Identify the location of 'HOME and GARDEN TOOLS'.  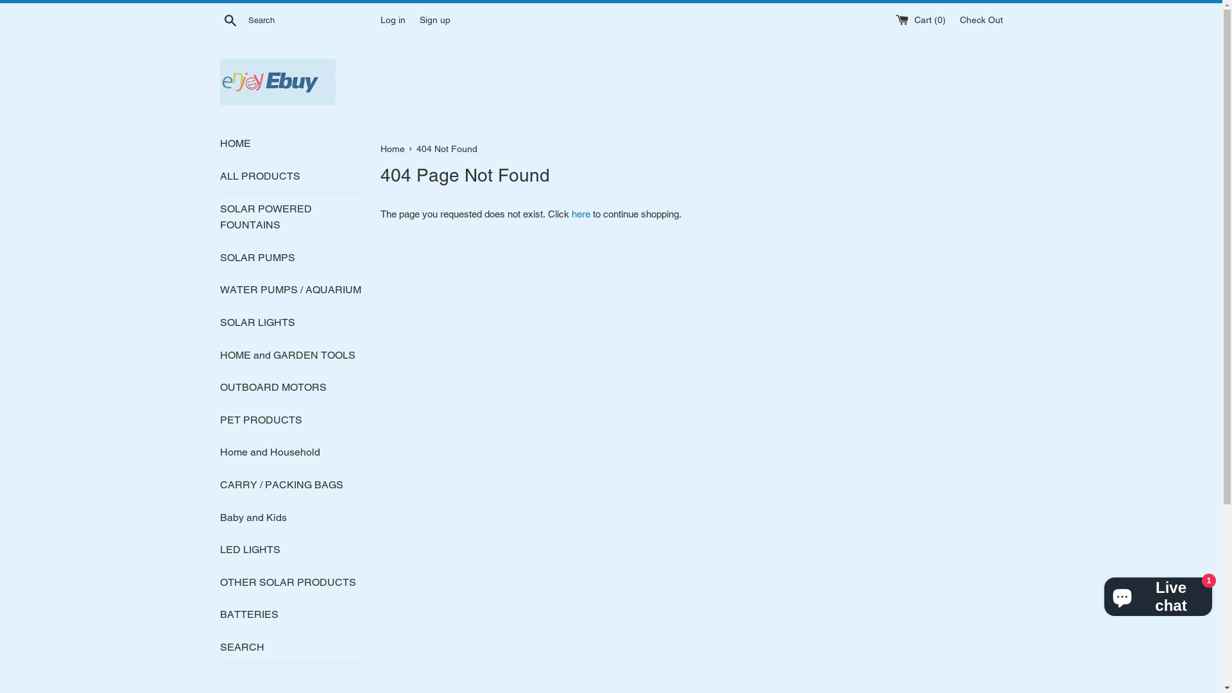
(289, 355).